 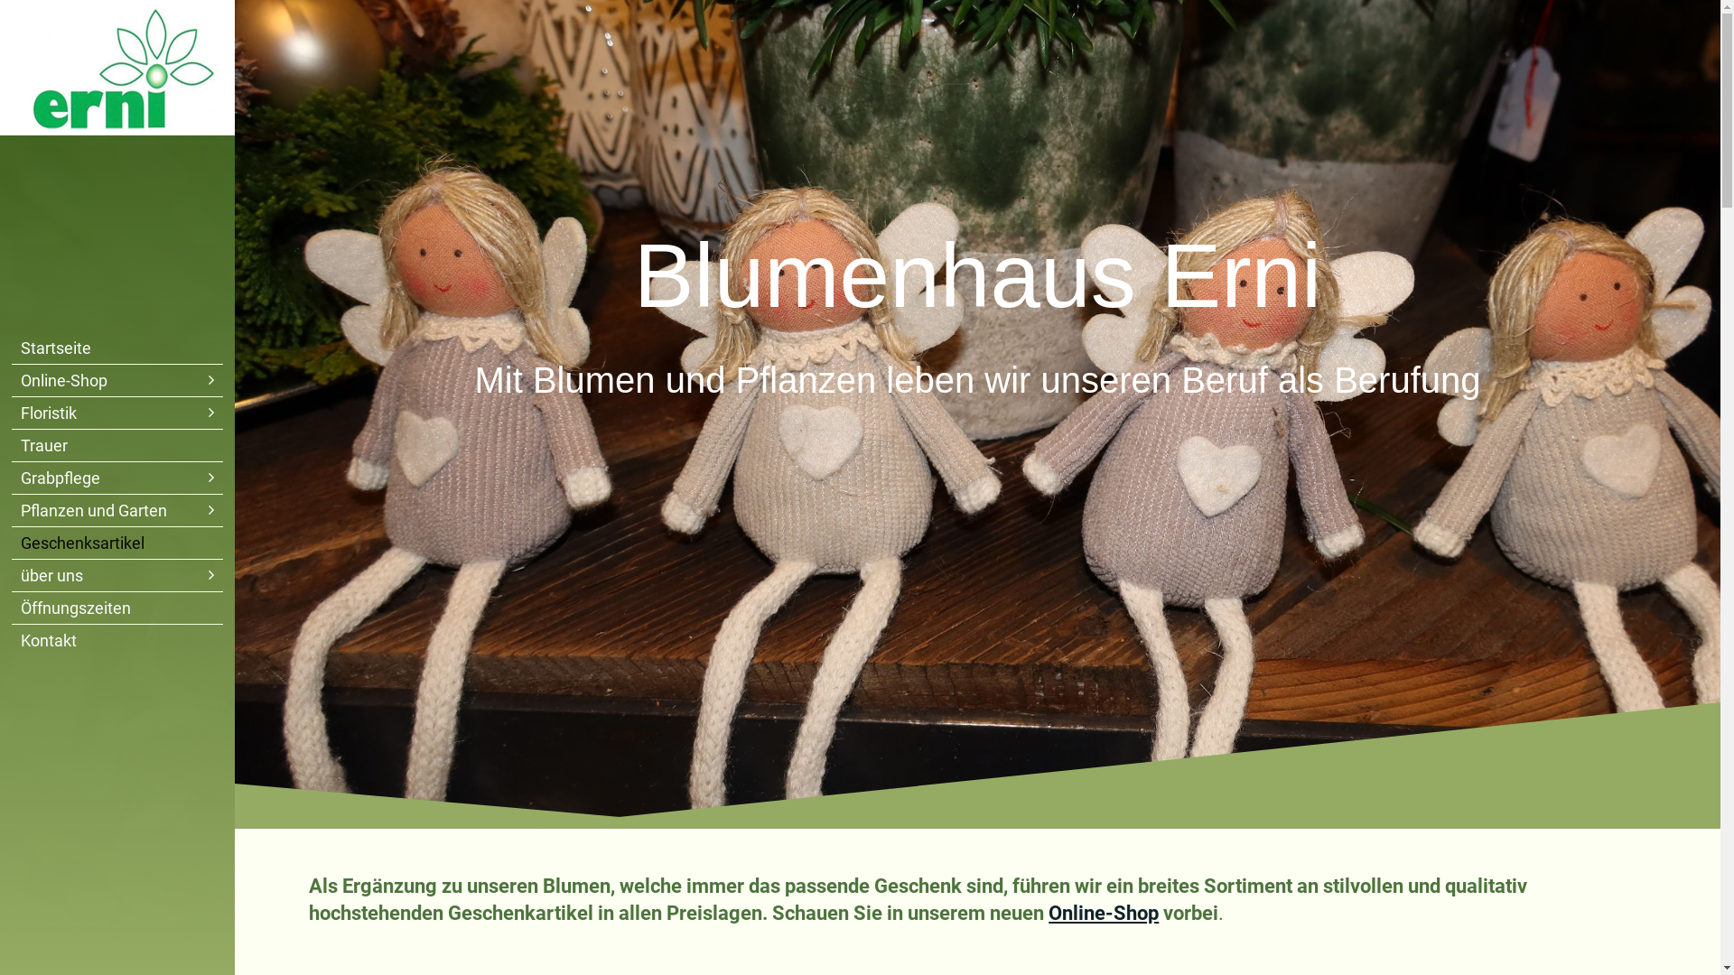 What do you see at coordinates (116, 542) in the screenshot?
I see `'Geschenksartikel'` at bounding box center [116, 542].